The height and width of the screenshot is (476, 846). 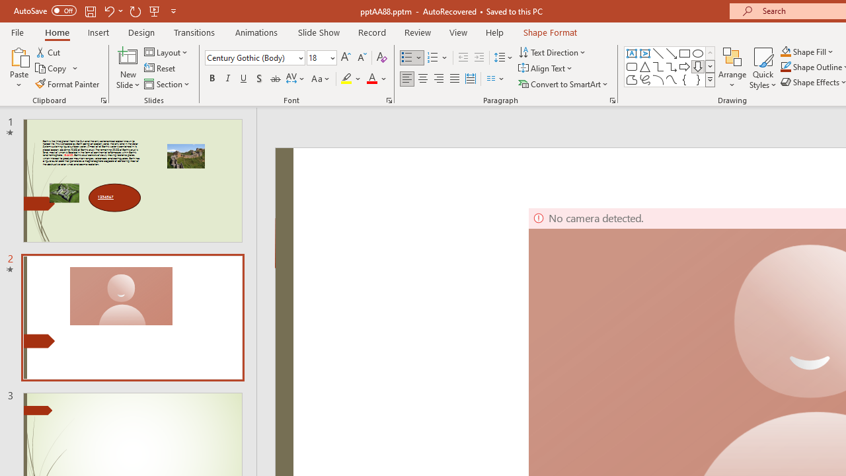 What do you see at coordinates (672, 66) in the screenshot?
I see `'Connector: Elbow Arrow'` at bounding box center [672, 66].